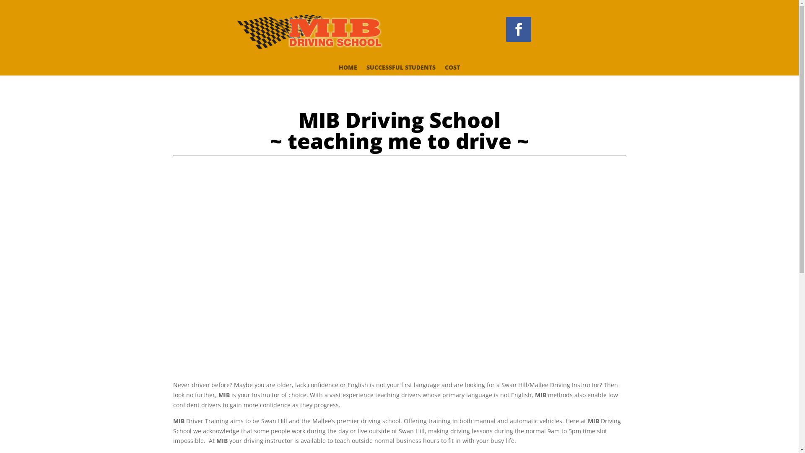 The width and height of the screenshot is (805, 453). I want to click on 'Follow on Facebook', so click(518, 29).